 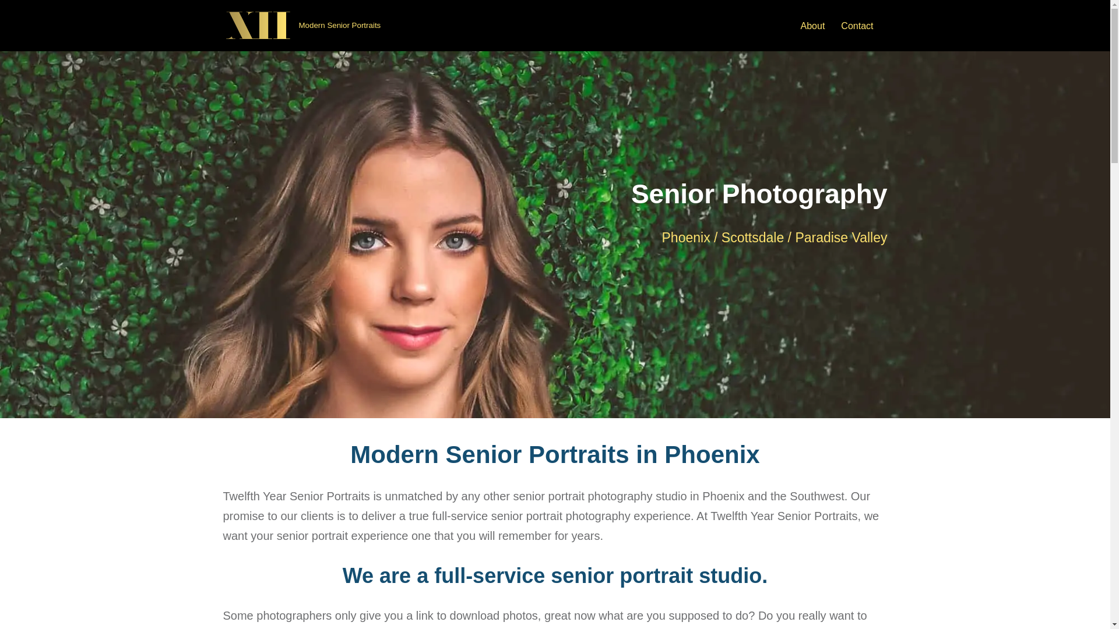 What do you see at coordinates (812, 26) in the screenshot?
I see `'About'` at bounding box center [812, 26].